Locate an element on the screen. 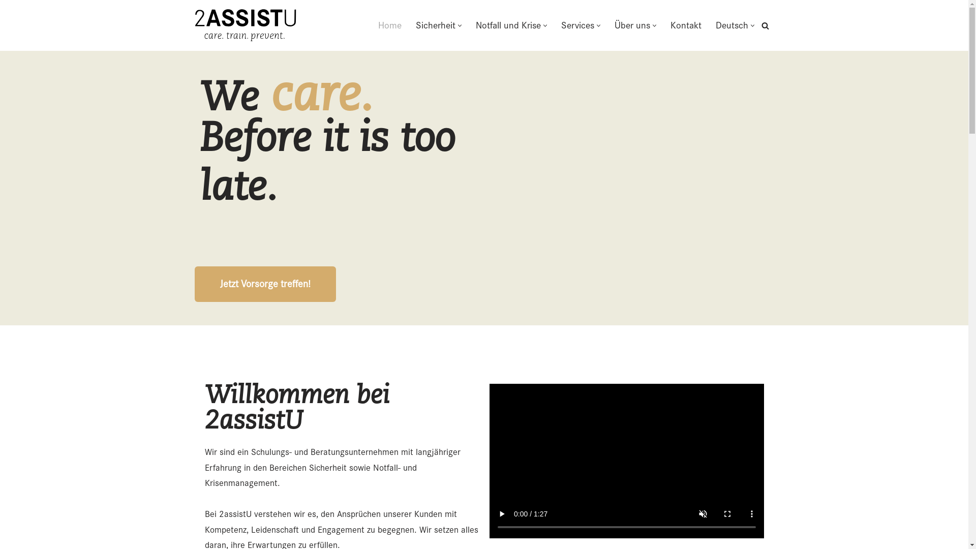  'Notfall und Krise' is located at coordinates (508, 24).